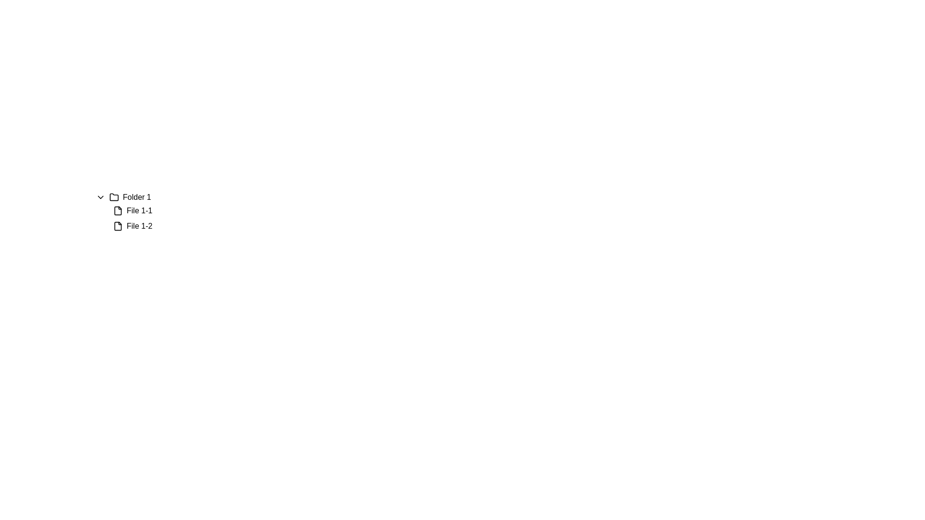 The height and width of the screenshot is (520, 925). Describe the element at coordinates (117, 226) in the screenshot. I see `the file document icon located to the left of the 'File 1-2' text label` at that location.